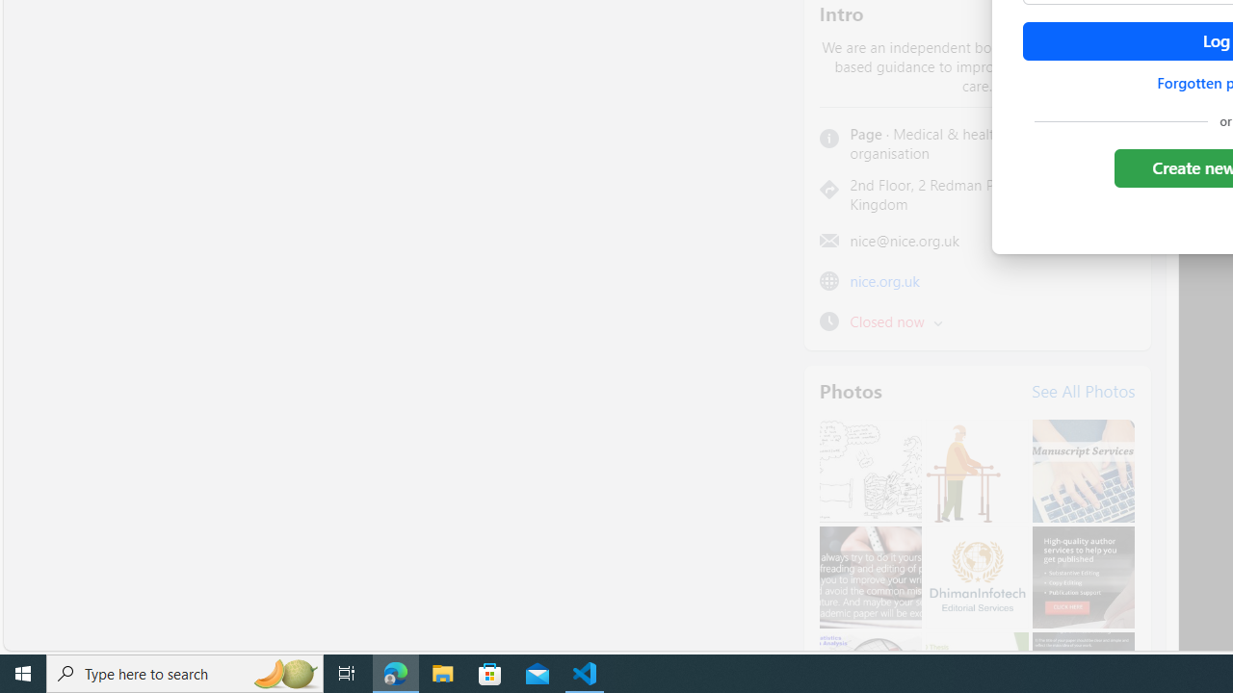  What do you see at coordinates (395, 672) in the screenshot?
I see `'Microsoft Edge - 1 running window'` at bounding box center [395, 672].